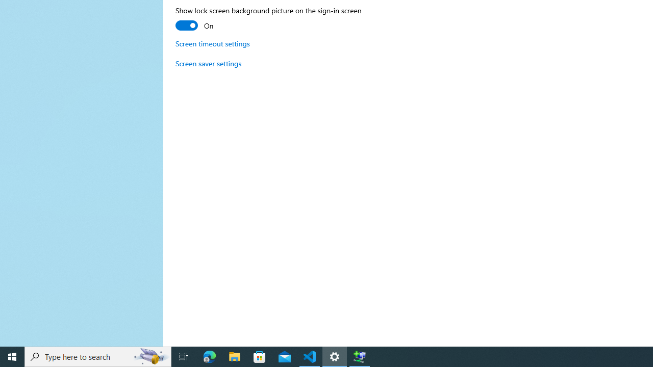  I want to click on 'Extensible Wizards Host Process - 1 running window', so click(360, 356).